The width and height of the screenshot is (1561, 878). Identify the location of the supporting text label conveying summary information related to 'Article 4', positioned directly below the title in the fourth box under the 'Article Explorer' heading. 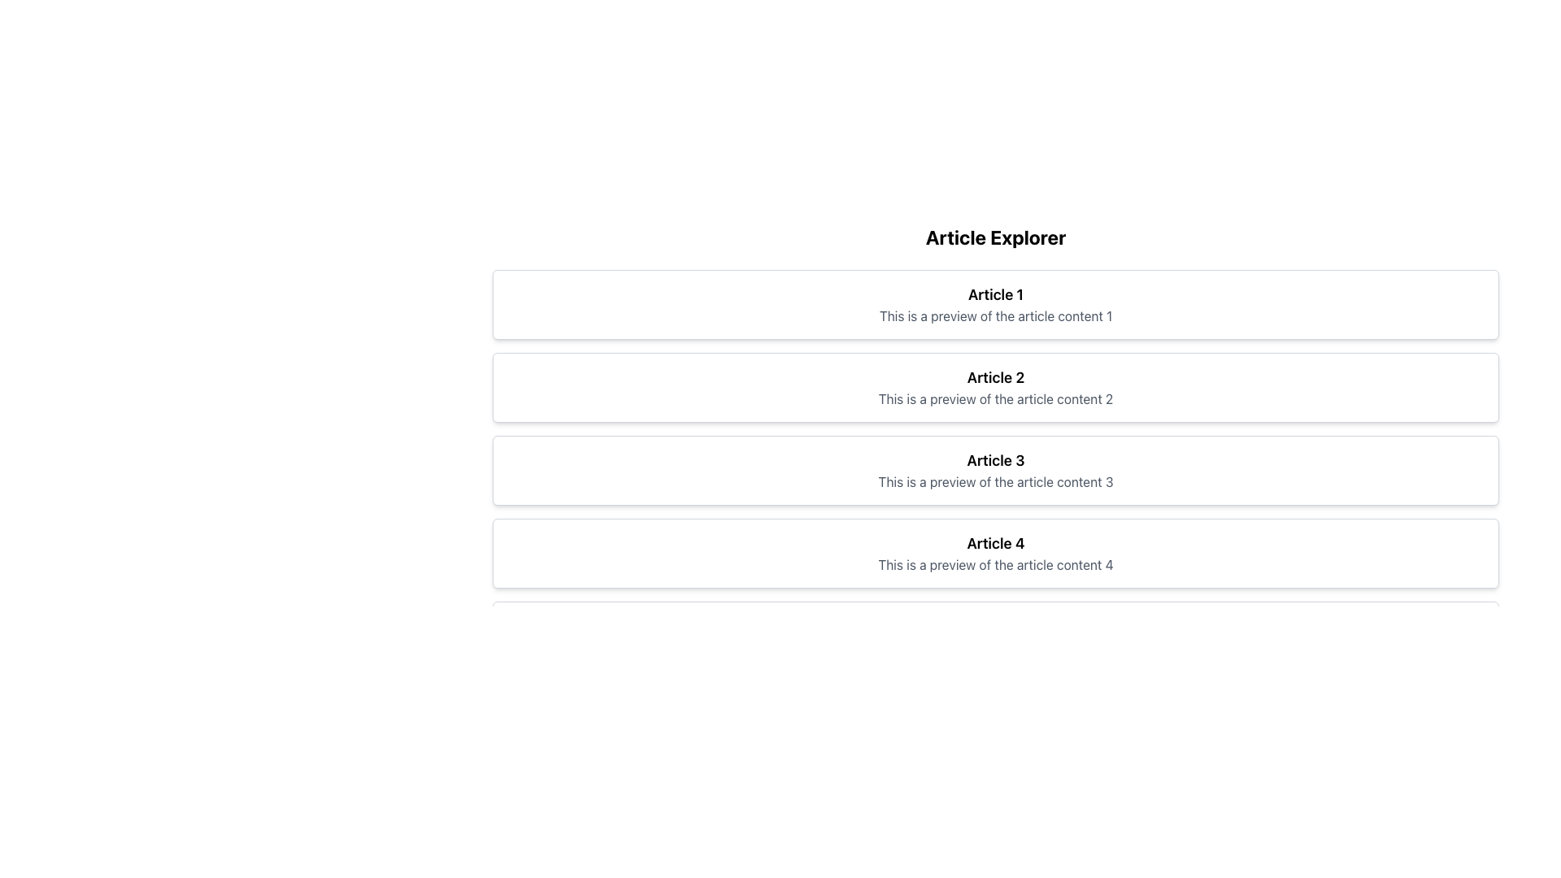
(994, 563).